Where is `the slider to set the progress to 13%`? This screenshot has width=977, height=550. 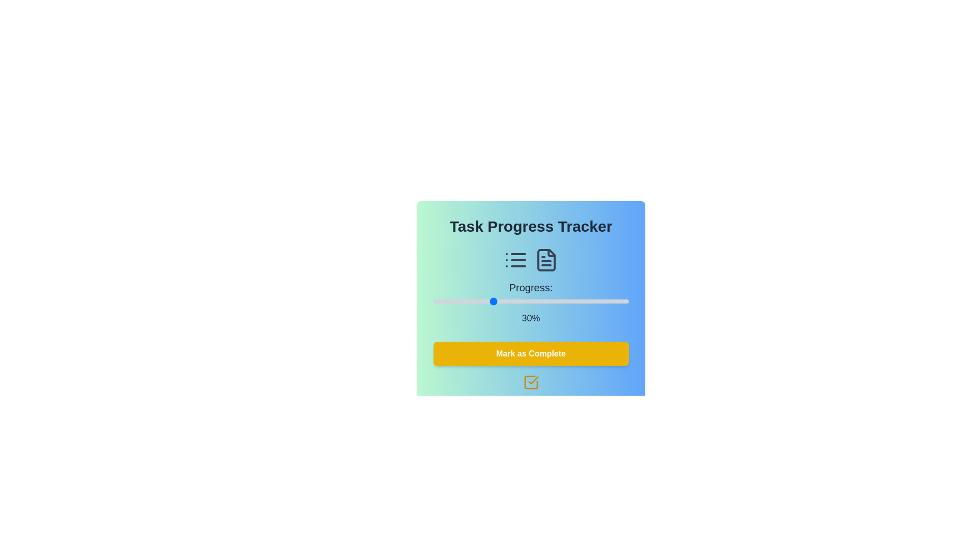
the slider to set the progress to 13% is located at coordinates (458, 300).